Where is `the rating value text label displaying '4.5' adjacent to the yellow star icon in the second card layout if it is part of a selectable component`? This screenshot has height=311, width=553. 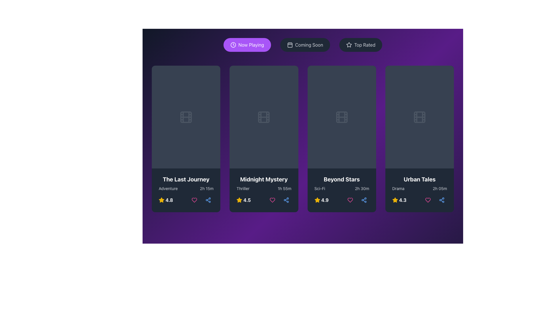 the rating value text label displaying '4.5' adjacent to the yellow star icon in the second card layout if it is part of a selectable component is located at coordinates (247, 200).